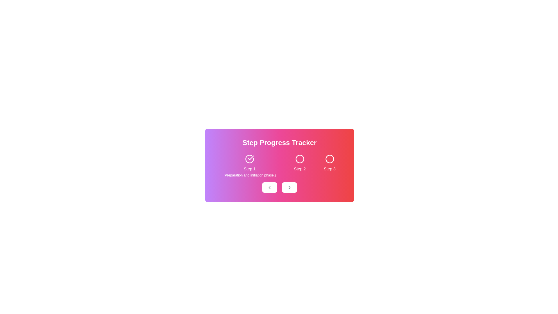  I want to click on the Step 2 circular icon in the progress tracker, so click(300, 159).